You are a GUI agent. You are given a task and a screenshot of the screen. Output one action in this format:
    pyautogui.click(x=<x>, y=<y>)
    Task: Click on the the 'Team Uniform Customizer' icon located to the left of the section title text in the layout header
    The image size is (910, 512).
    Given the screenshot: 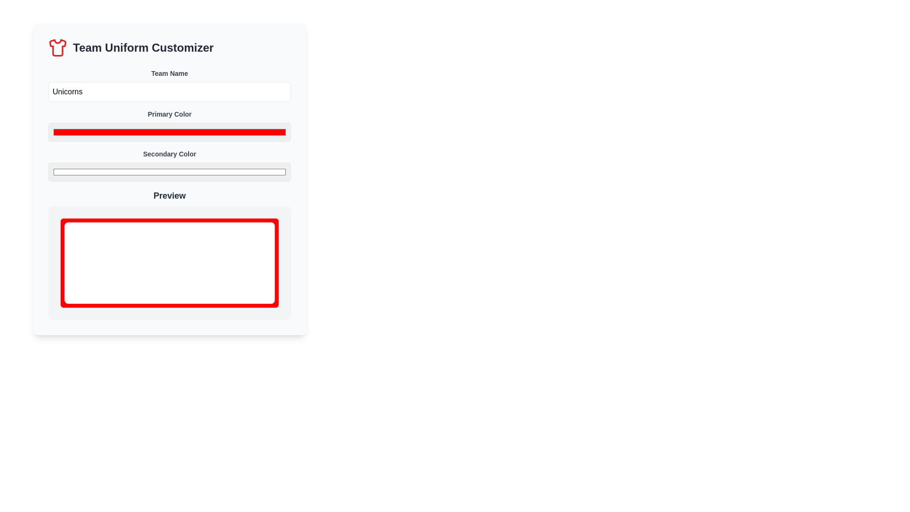 What is the action you would take?
    pyautogui.click(x=57, y=47)
    